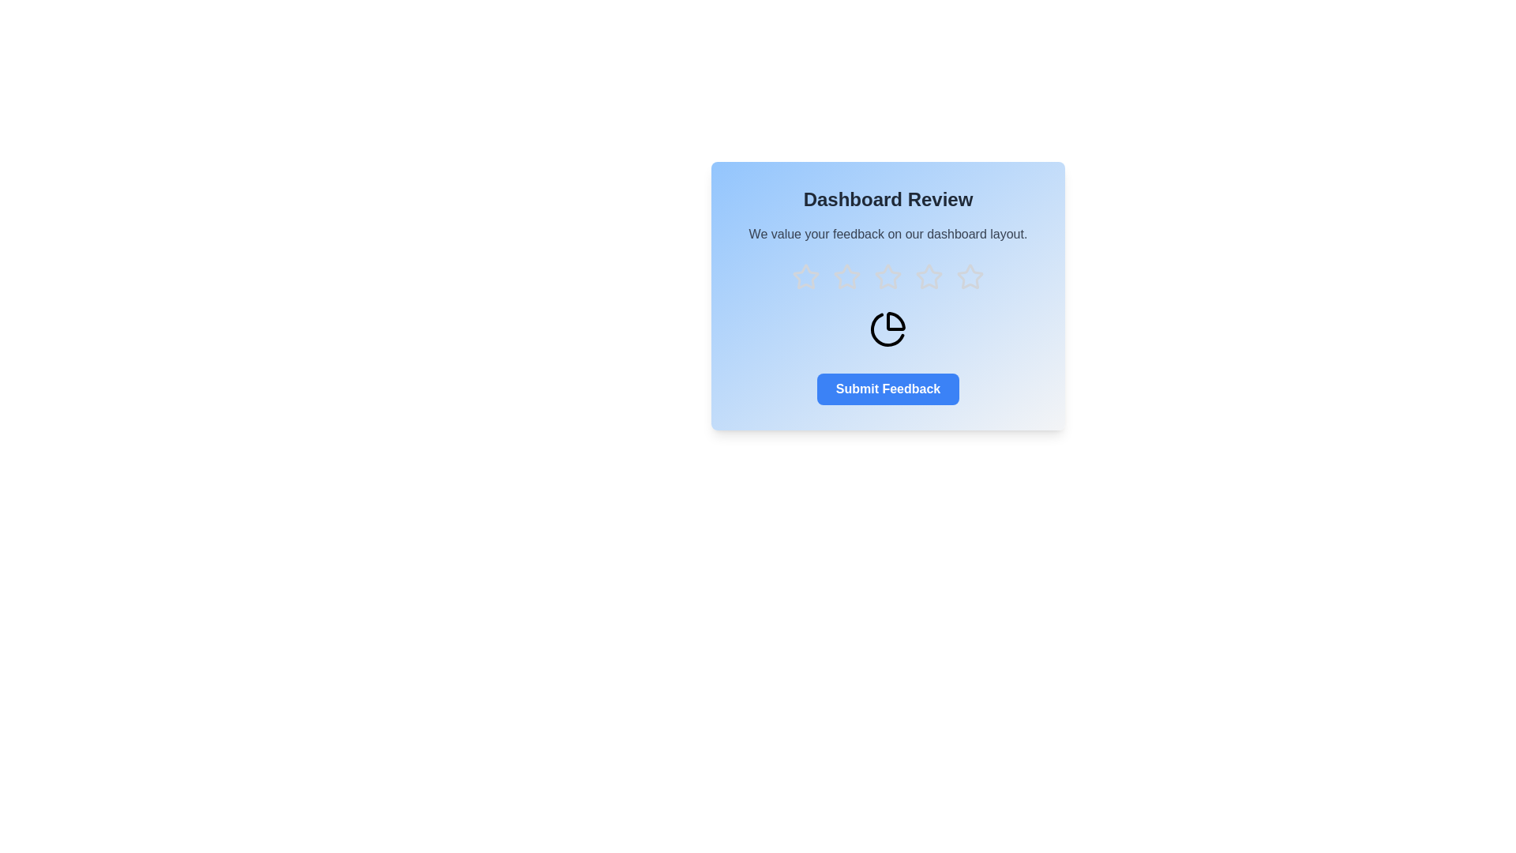  Describe the element at coordinates (806, 276) in the screenshot. I see `the star corresponding to the rating 1` at that location.